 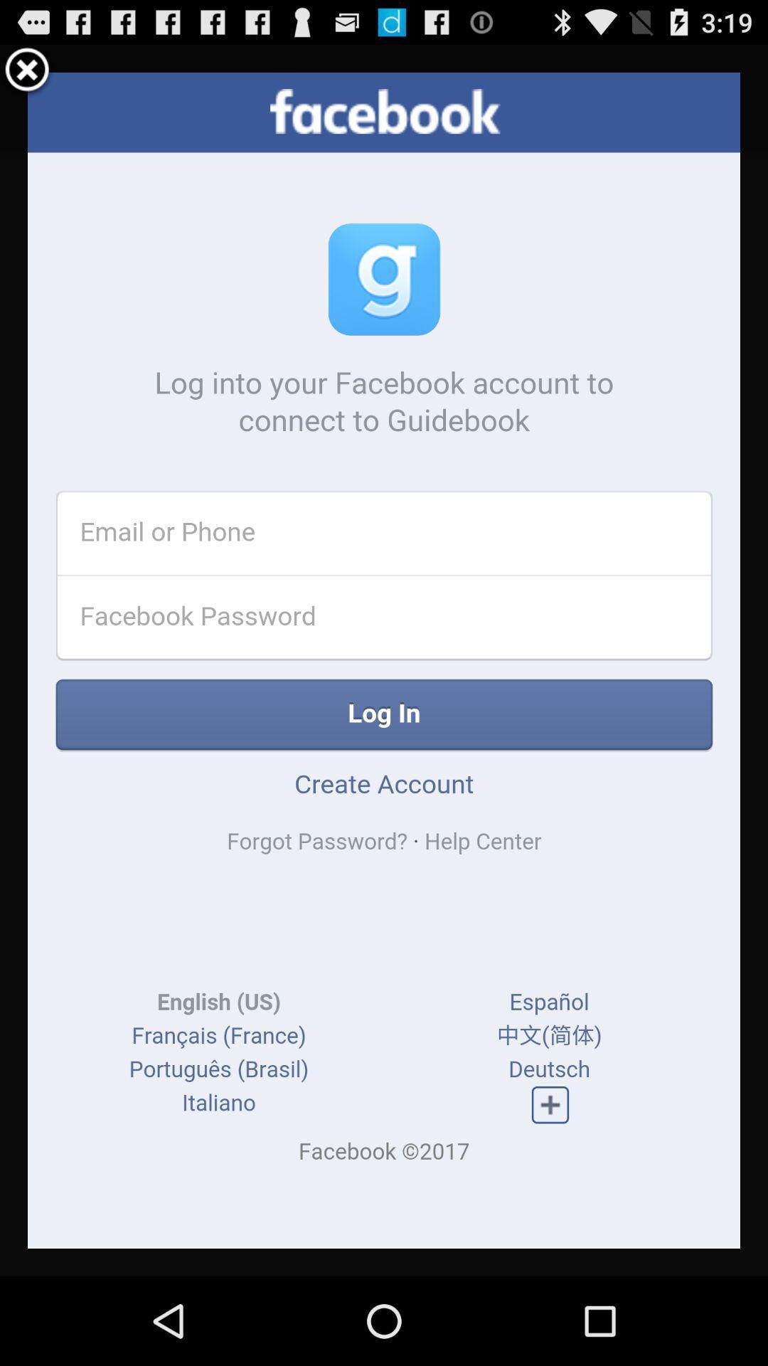 What do you see at coordinates (384, 660) in the screenshot?
I see `display screen` at bounding box center [384, 660].